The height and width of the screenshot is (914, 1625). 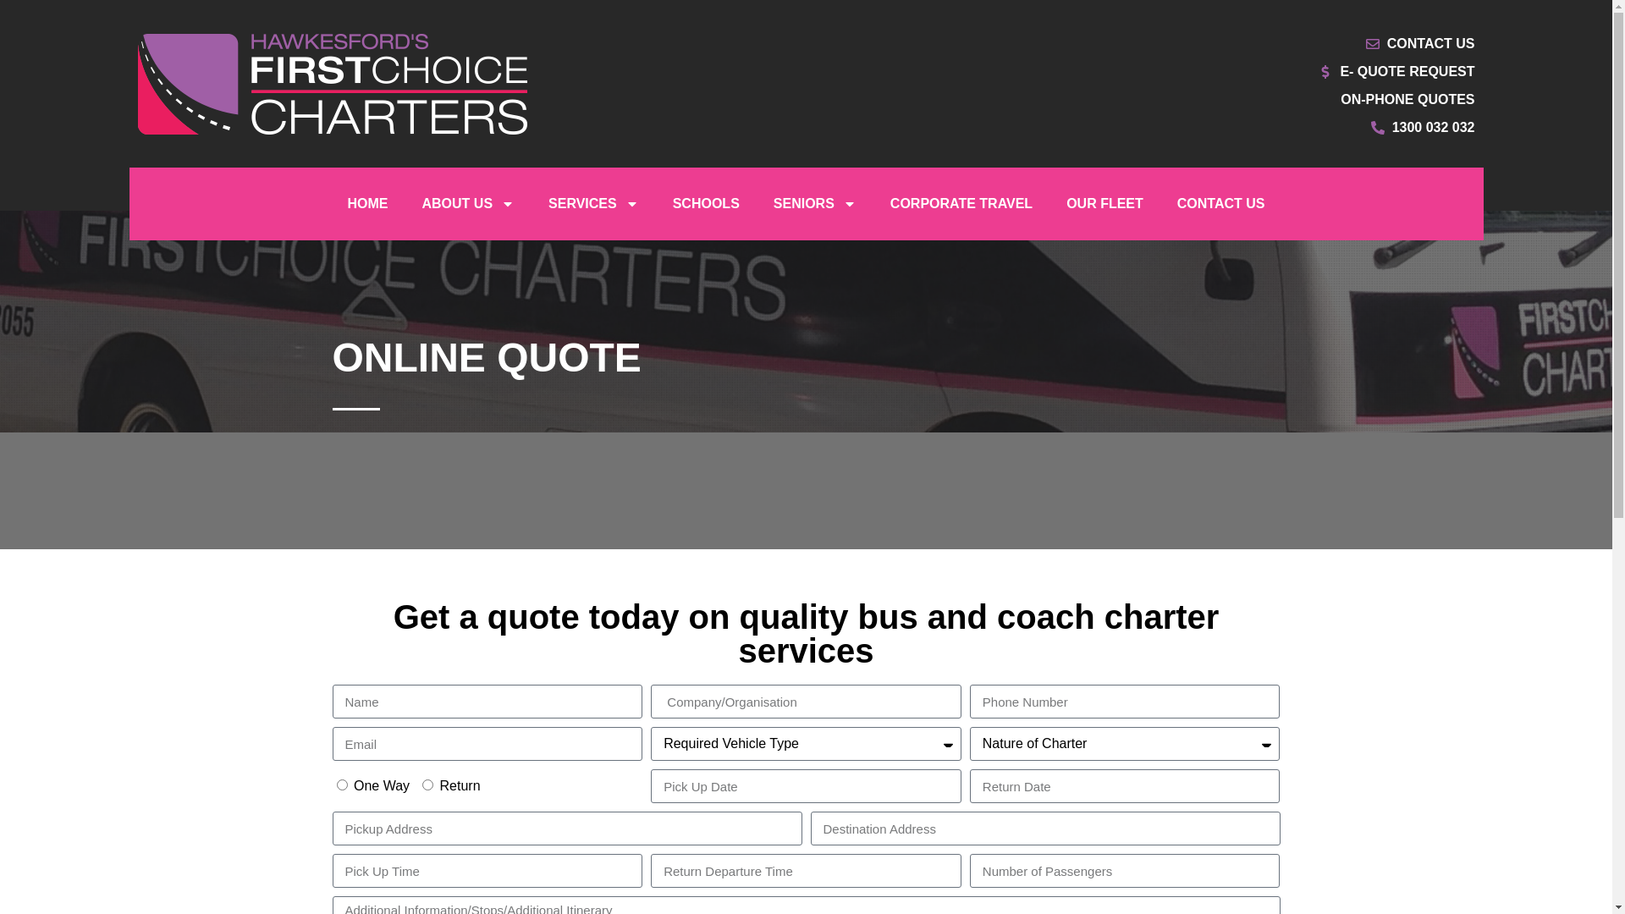 I want to click on 'SERVICES', so click(x=593, y=202).